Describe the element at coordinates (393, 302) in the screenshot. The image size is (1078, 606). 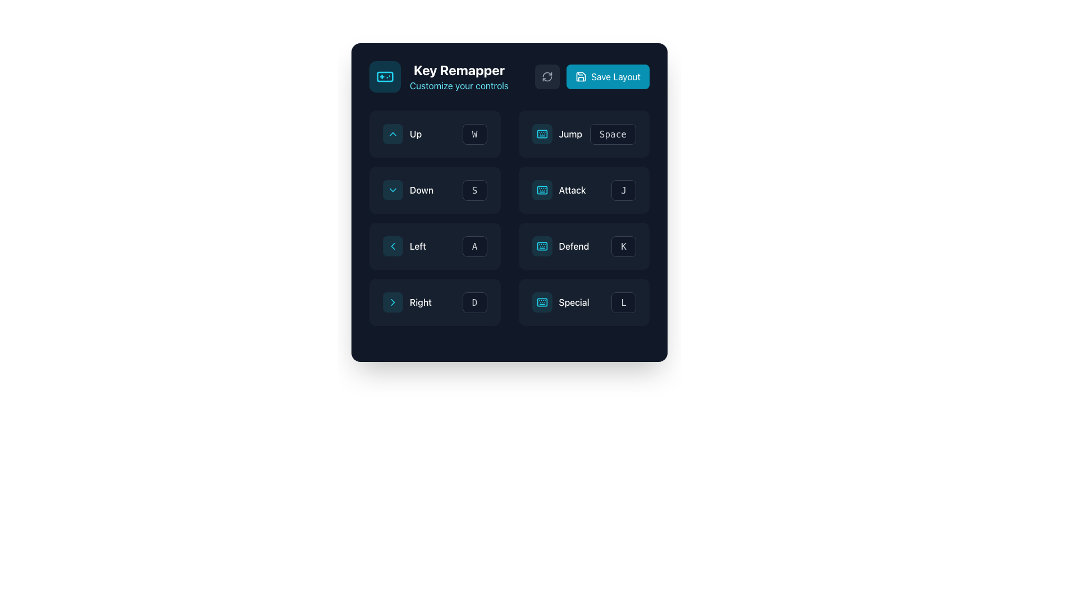
I see `the cyan chevron icon located to the left of the 'Right' text and above the 'D' key label in the bottom-left region of the interface` at that location.